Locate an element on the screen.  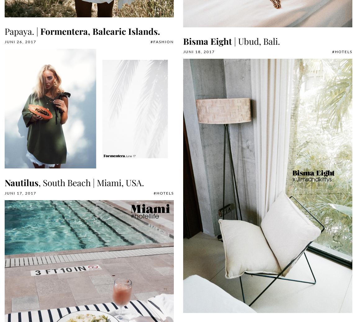
', South Beach | Miami, USA.' is located at coordinates (91, 182).